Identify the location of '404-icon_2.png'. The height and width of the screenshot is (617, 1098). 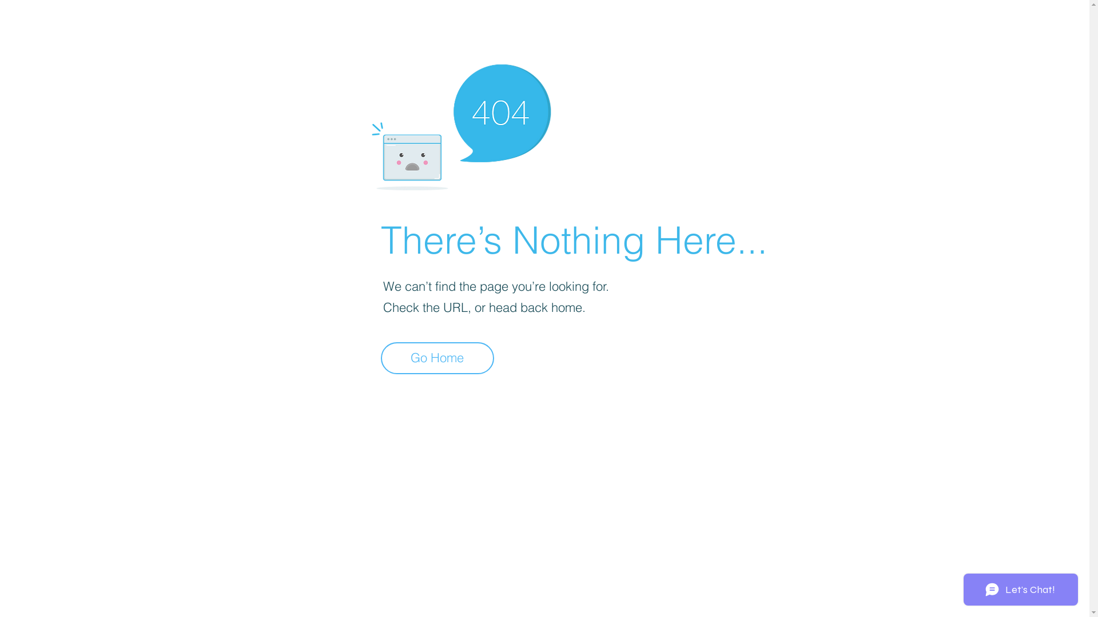
(460, 124).